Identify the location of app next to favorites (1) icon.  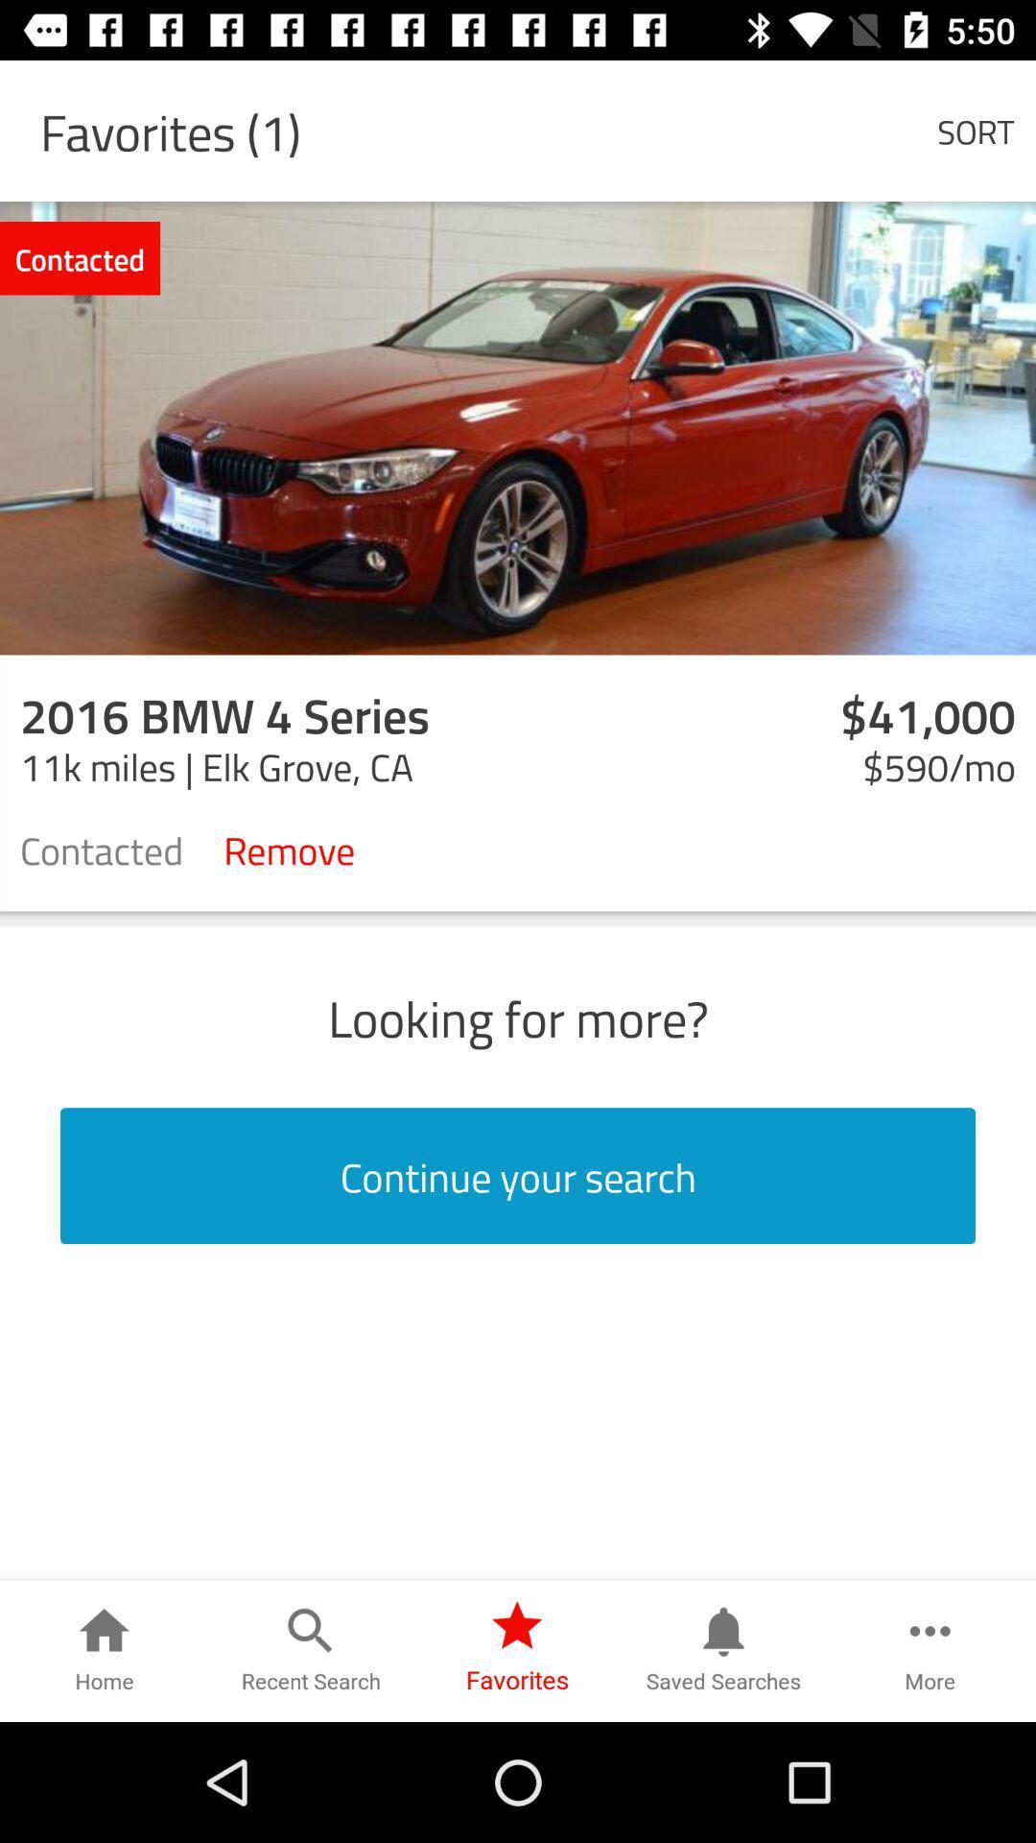
(976, 130).